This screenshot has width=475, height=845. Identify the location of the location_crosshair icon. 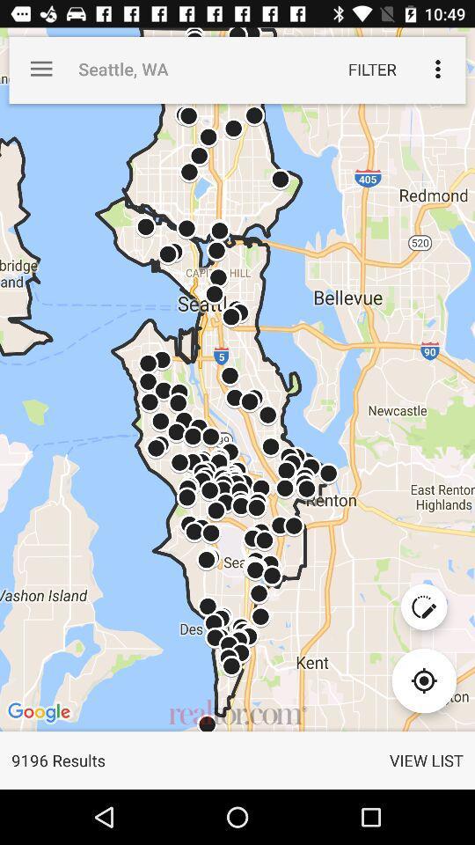
(423, 680).